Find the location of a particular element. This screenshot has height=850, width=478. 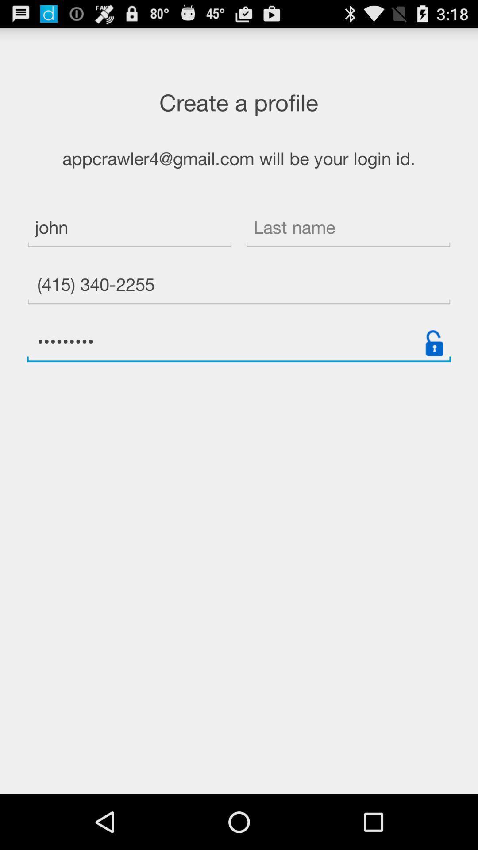

icon to the right of john item is located at coordinates (348, 229).